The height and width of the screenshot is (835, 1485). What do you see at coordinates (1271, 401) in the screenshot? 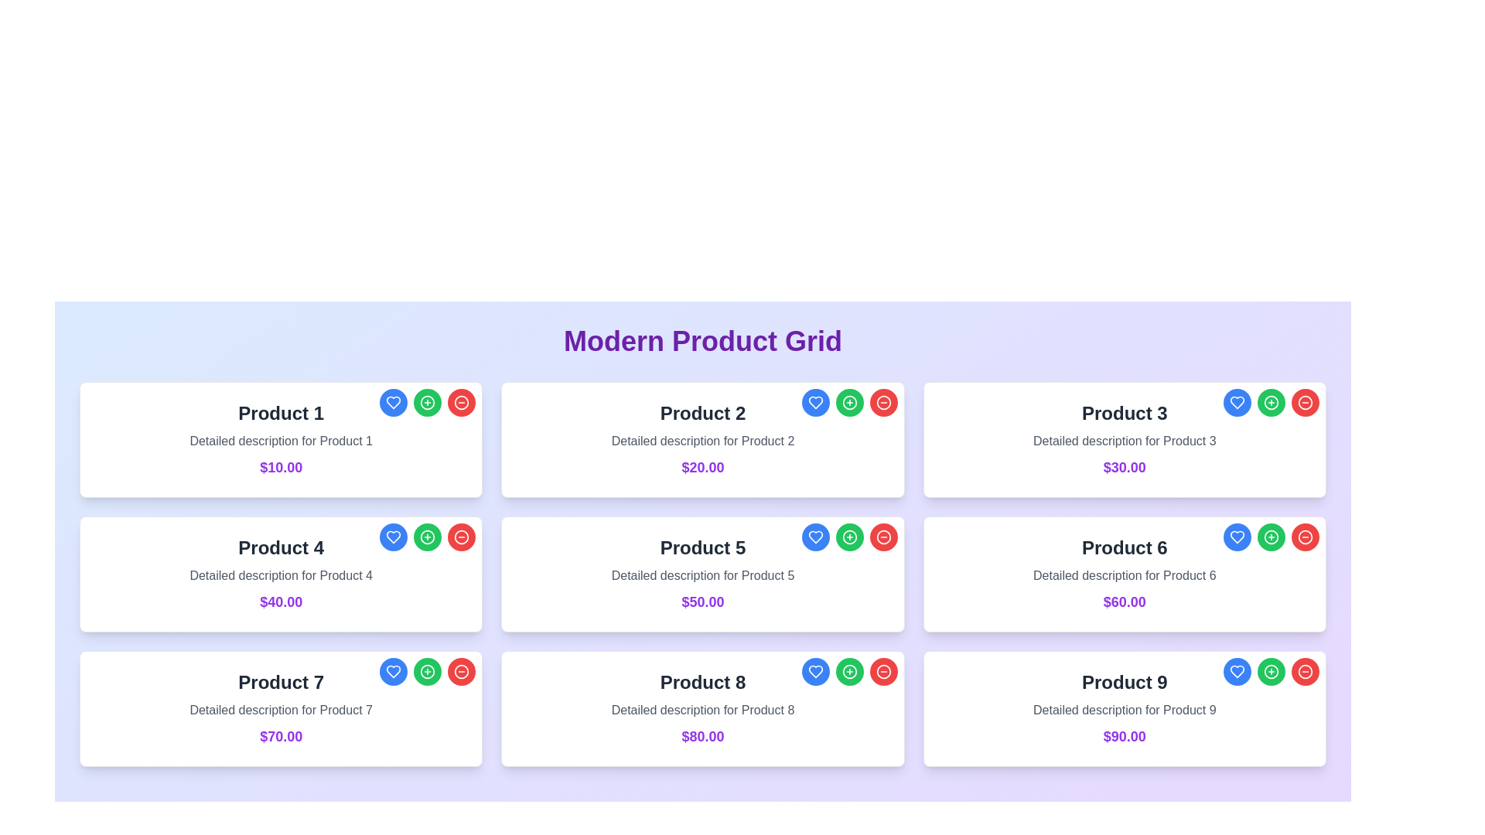
I see `the green circular button with white text that is the second button in the controls for 'Product 3'` at bounding box center [1271, 401].